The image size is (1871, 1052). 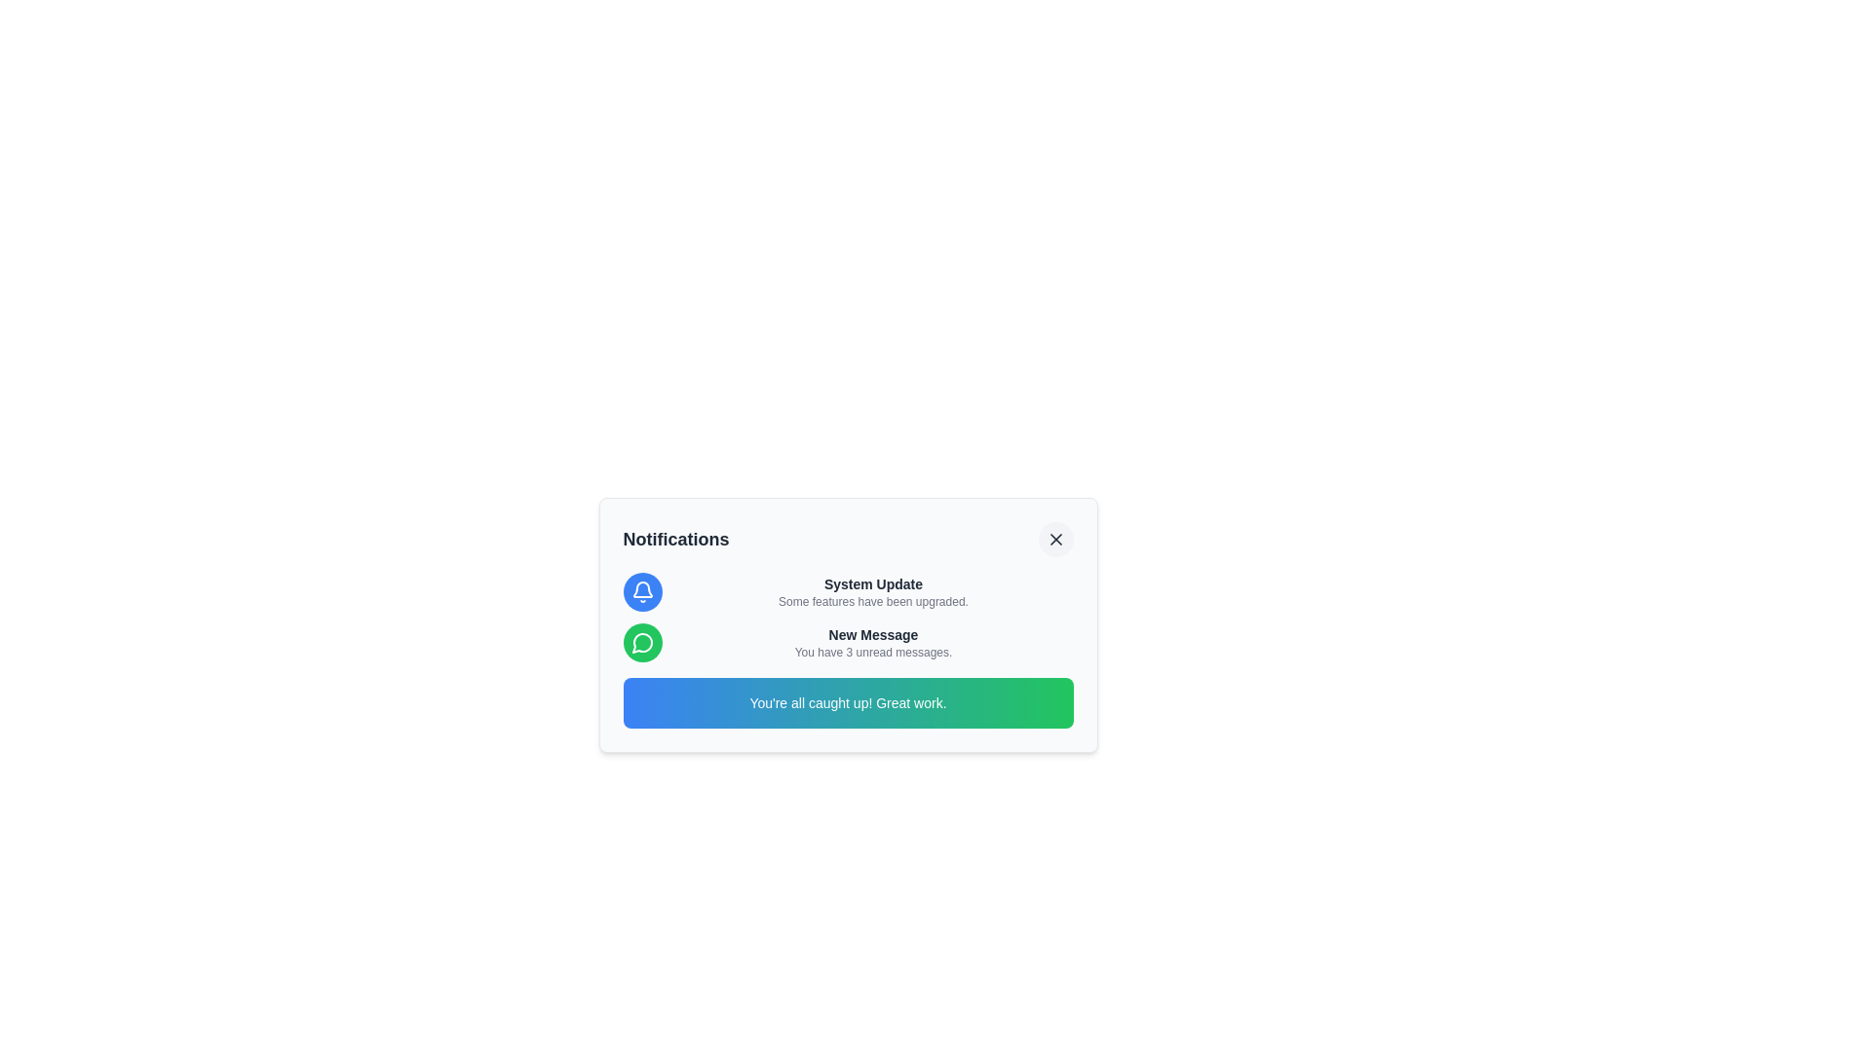 What do you see at coordinates (848, 591) in the screenshot?
I see `the first notification item that provides information about a system update, located below the 'Notifications' header and above the 'New Message' notification item` at bounding box center [848, 591].